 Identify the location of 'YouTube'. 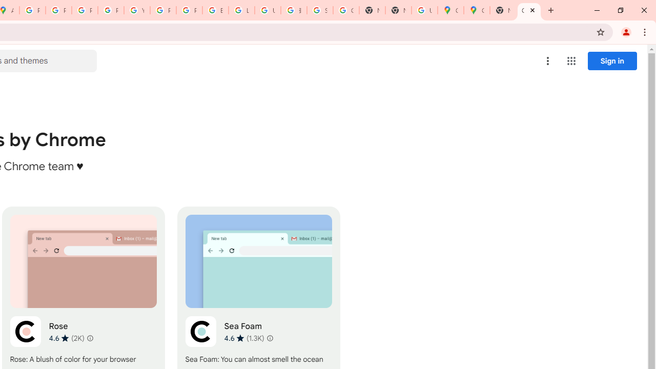
(136, 10).